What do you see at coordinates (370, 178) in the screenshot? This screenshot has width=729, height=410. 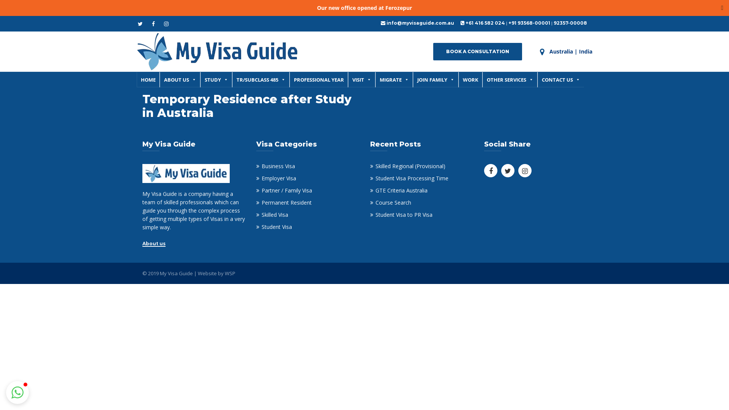 I see `'Student Visa Processing Time'` at bounding box center [370, 178].